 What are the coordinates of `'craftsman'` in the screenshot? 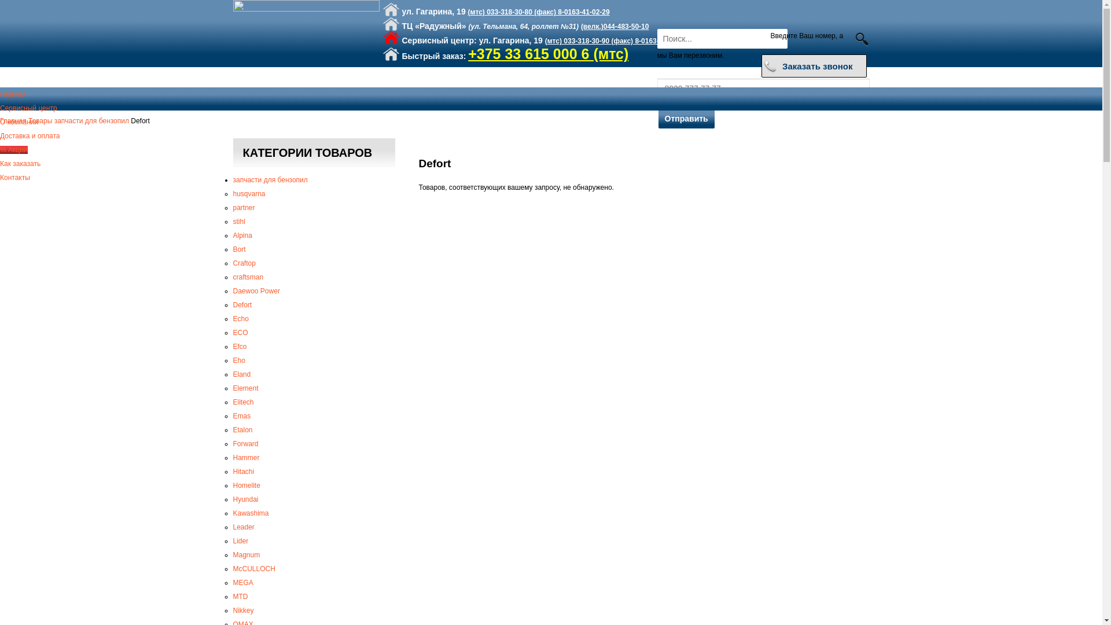 It's located at (247, 277).